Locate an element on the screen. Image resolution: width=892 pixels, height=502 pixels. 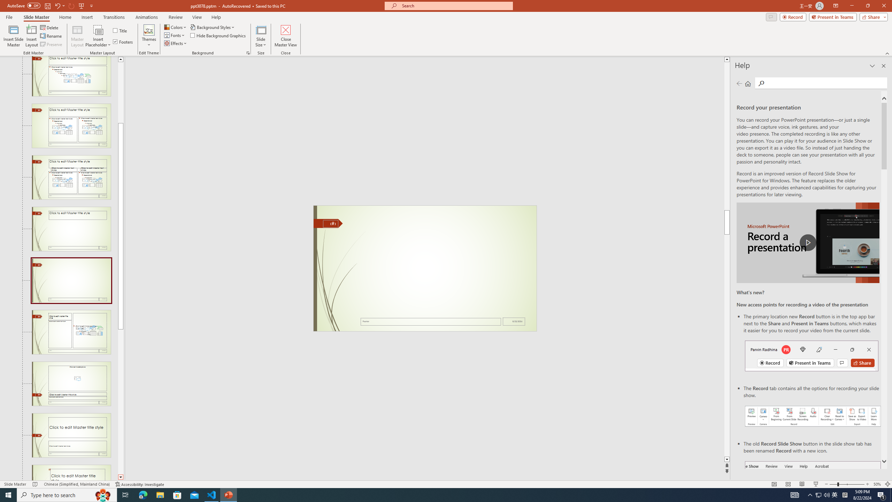
'Master Layout...' is located at coordinates (77, 36).